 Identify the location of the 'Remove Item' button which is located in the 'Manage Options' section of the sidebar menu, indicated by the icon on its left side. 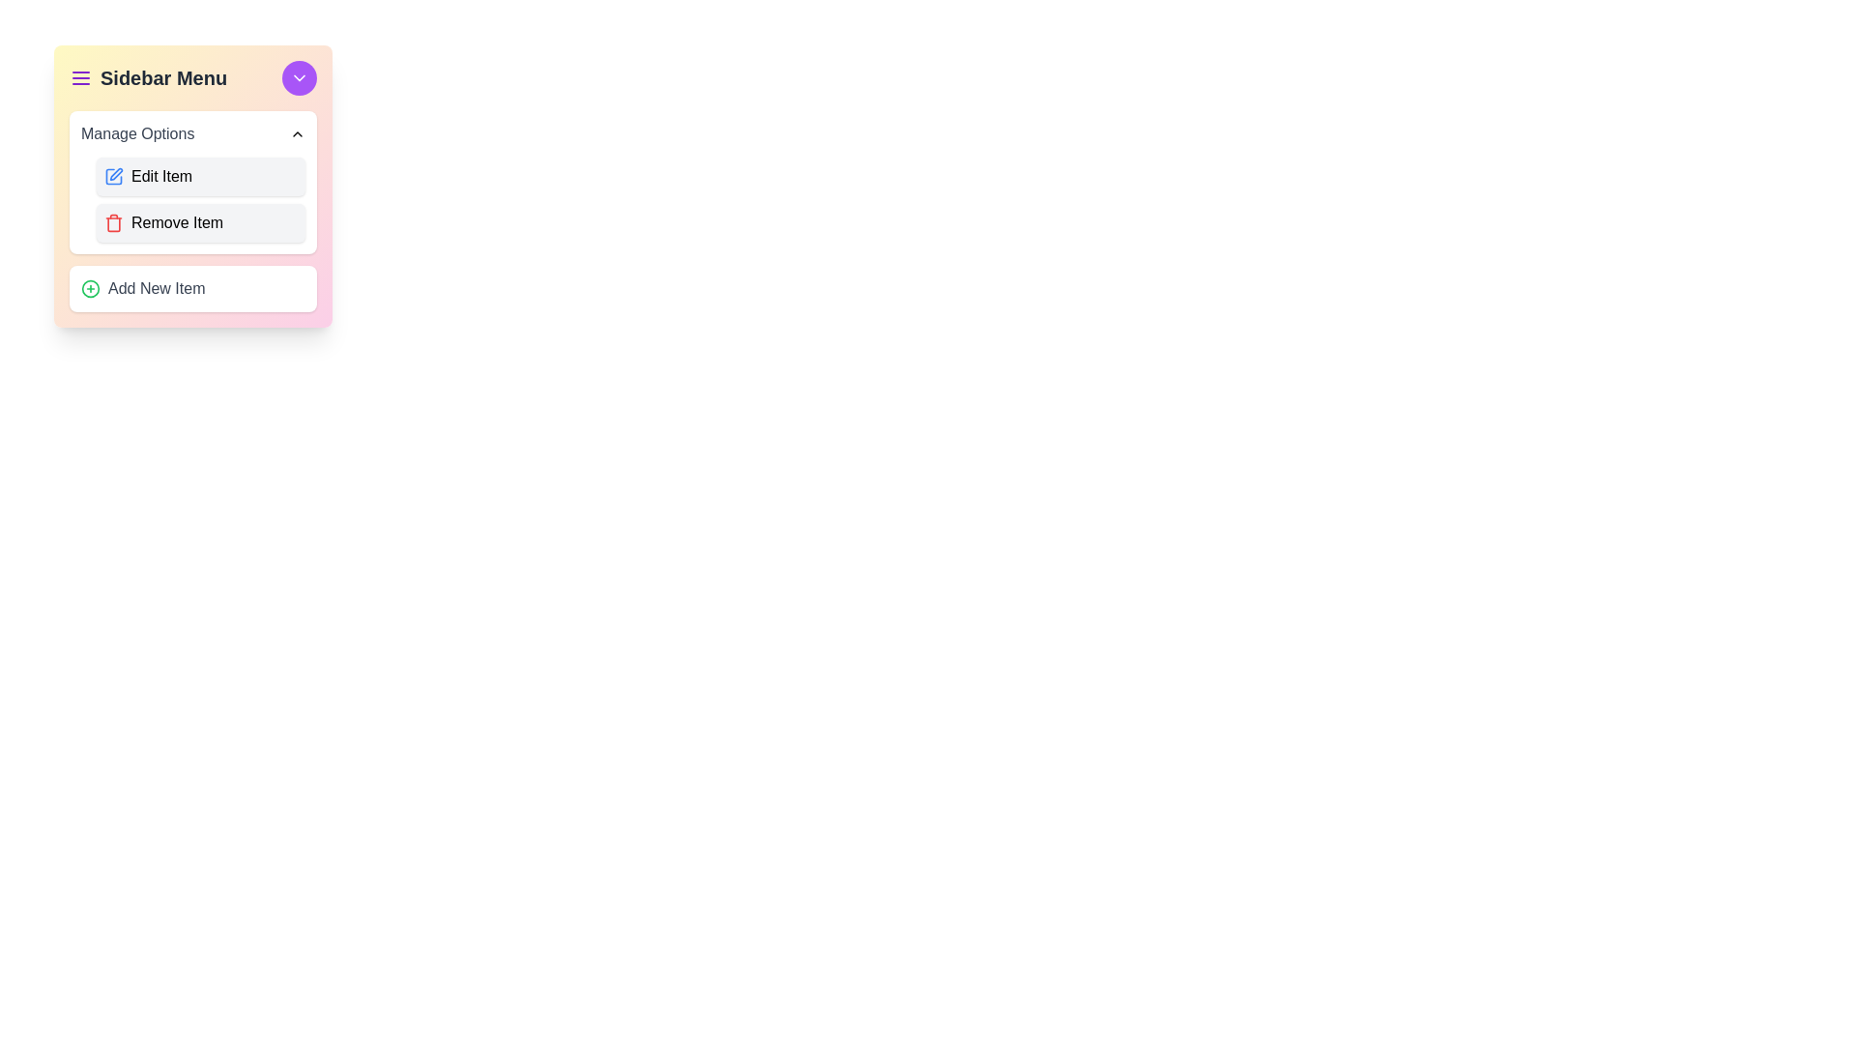
(113, 222).